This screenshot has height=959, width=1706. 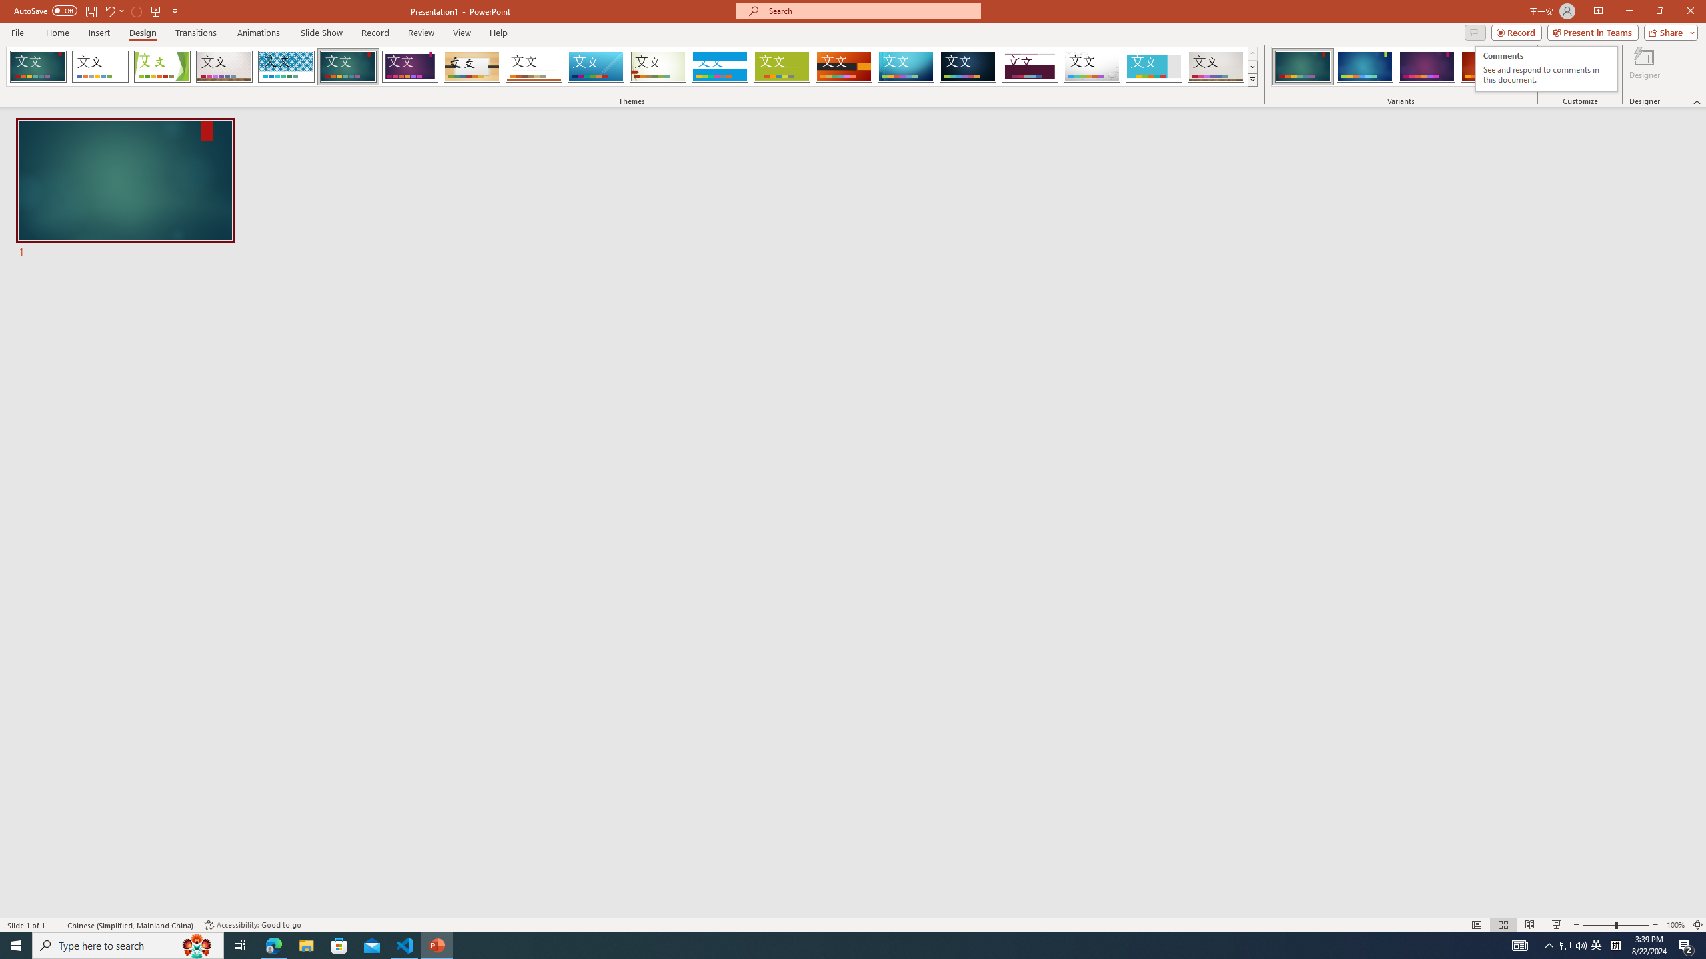 I want to click on 'Zoom 100%', so click(x=1676, y=925).